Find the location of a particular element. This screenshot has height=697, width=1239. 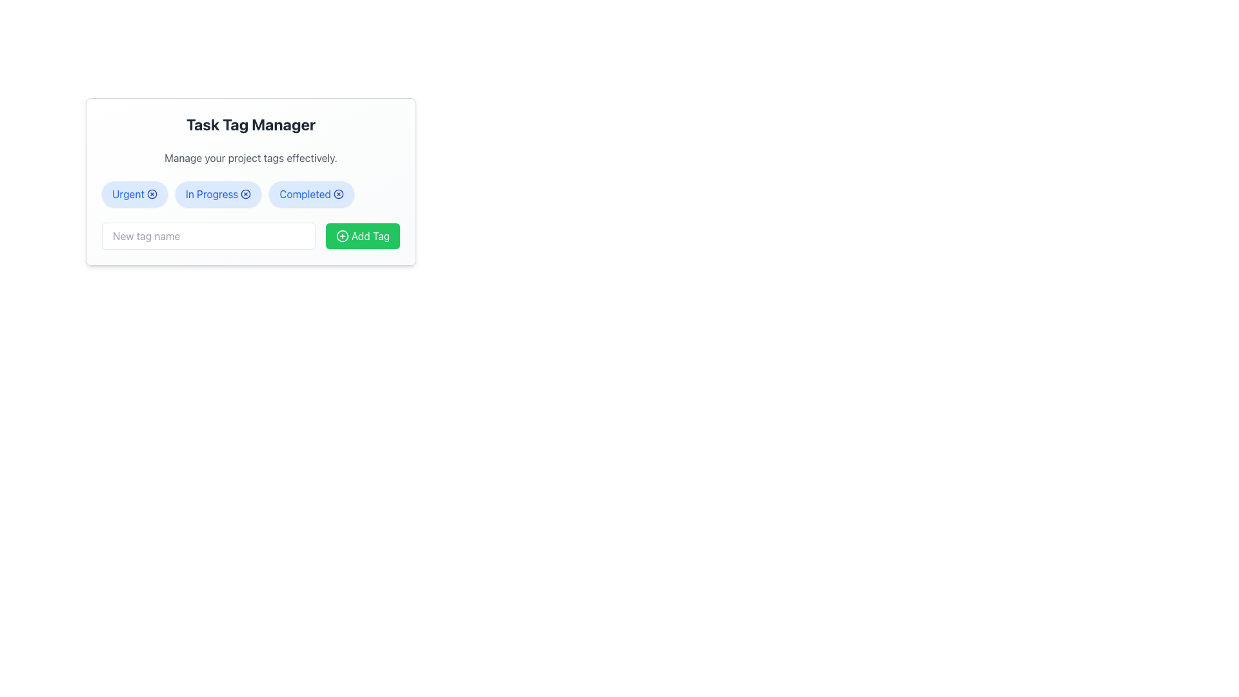

the 'remove' button icon located at the rightmost end of the 'Completed' tag, adjacent to the text 'Completed' is located at coordinates (338, 194).